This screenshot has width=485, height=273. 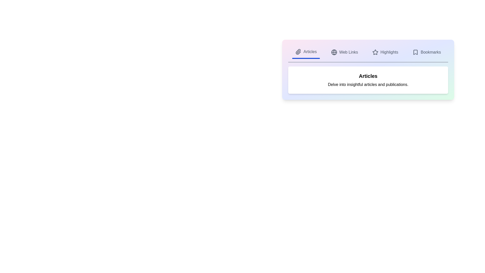 I want to click on the tab labeled Bookmarks to preview its action, so click(x=426, y=52).